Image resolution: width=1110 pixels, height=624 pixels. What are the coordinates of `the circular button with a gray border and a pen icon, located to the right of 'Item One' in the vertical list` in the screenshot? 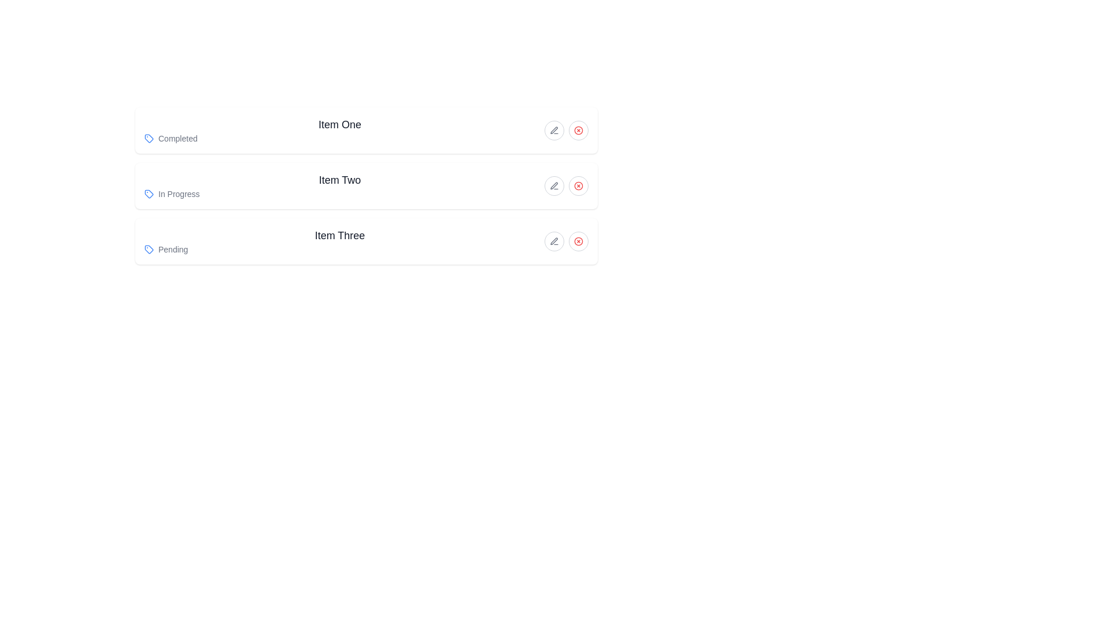 It's located at (554, 130).